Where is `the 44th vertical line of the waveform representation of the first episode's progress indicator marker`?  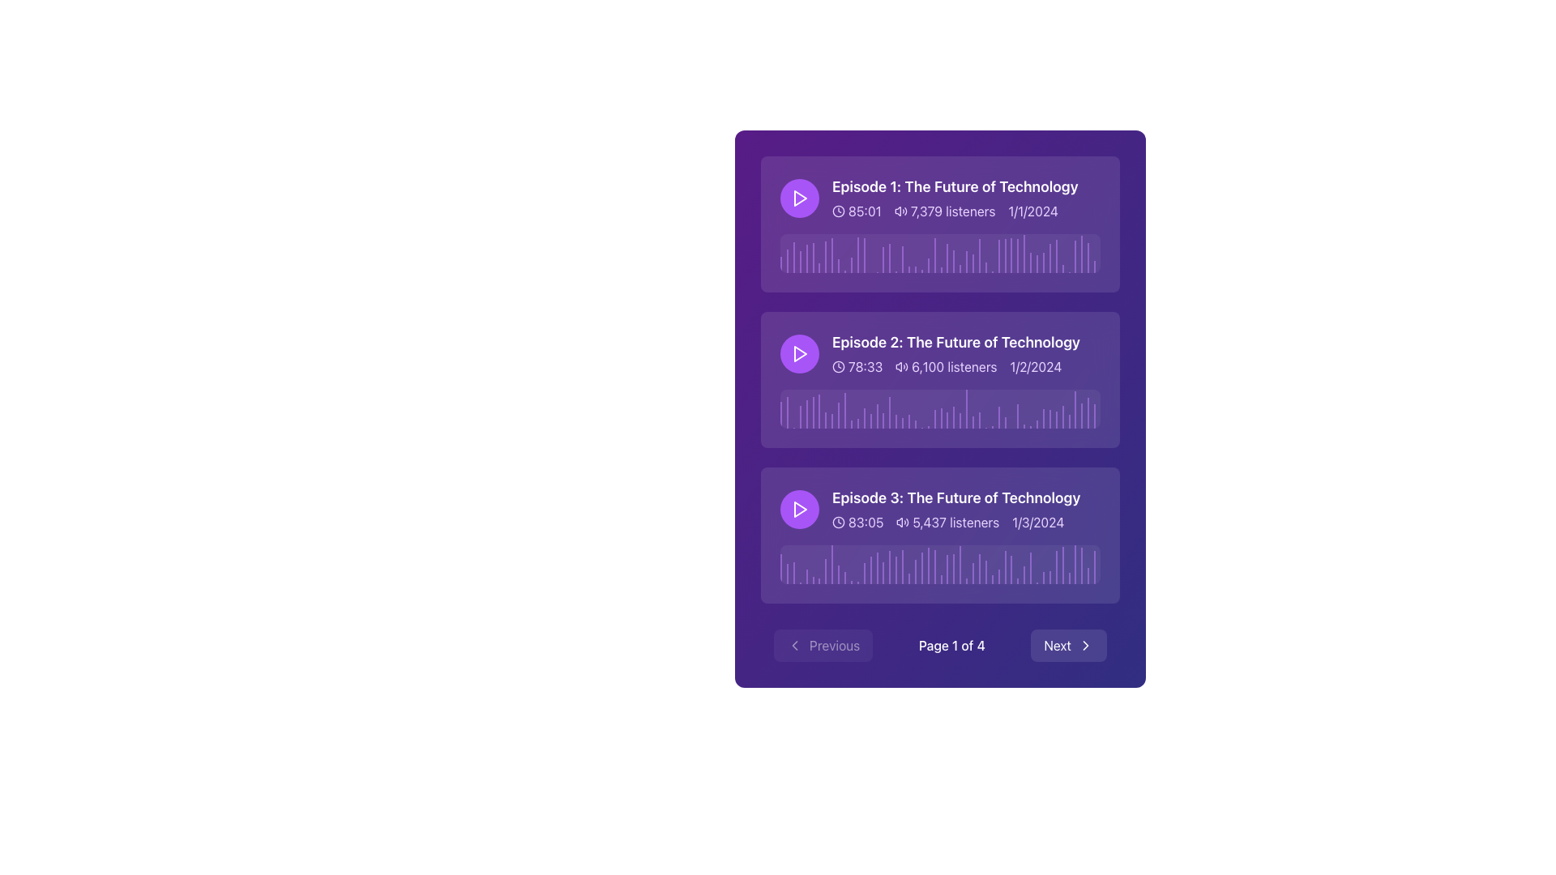 the 44th vertical line of the waveform representation of the first episode's progress indicator marker is located at coordinates (1062, 267).